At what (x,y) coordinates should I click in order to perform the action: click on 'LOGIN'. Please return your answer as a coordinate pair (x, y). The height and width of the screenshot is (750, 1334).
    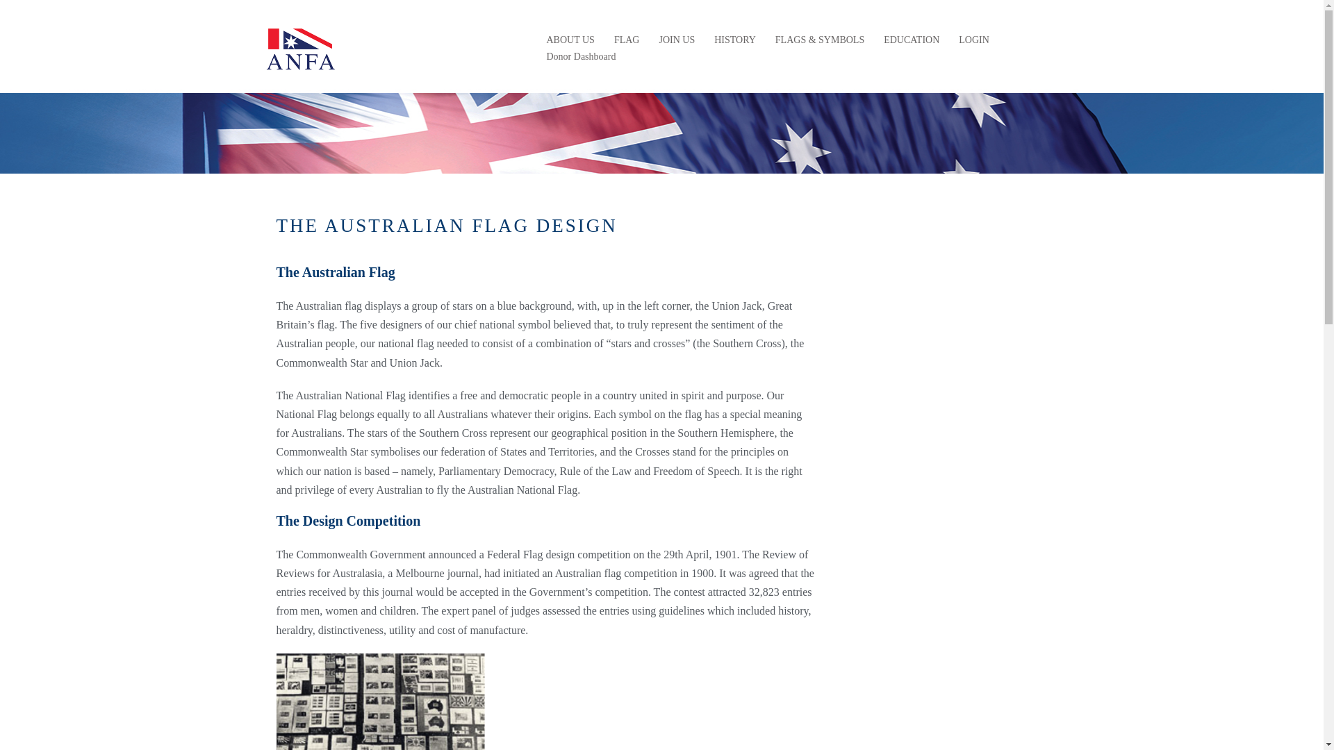
    Looking at the image, I should click on (973, 39).